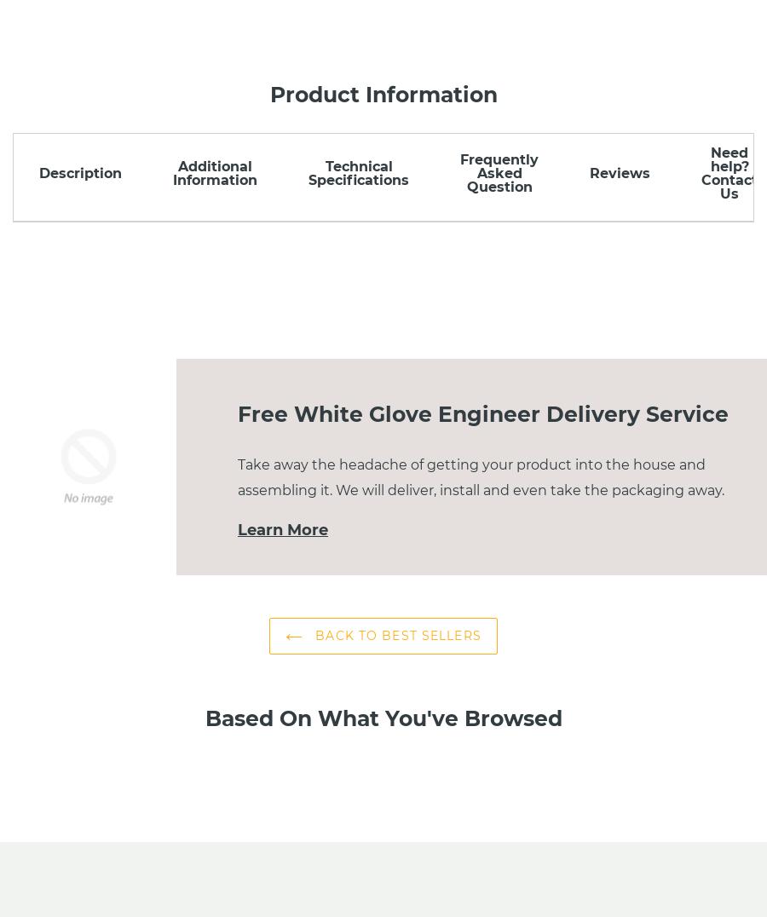  I want to click on 'Need help? Contact Us', so click(729, 172).